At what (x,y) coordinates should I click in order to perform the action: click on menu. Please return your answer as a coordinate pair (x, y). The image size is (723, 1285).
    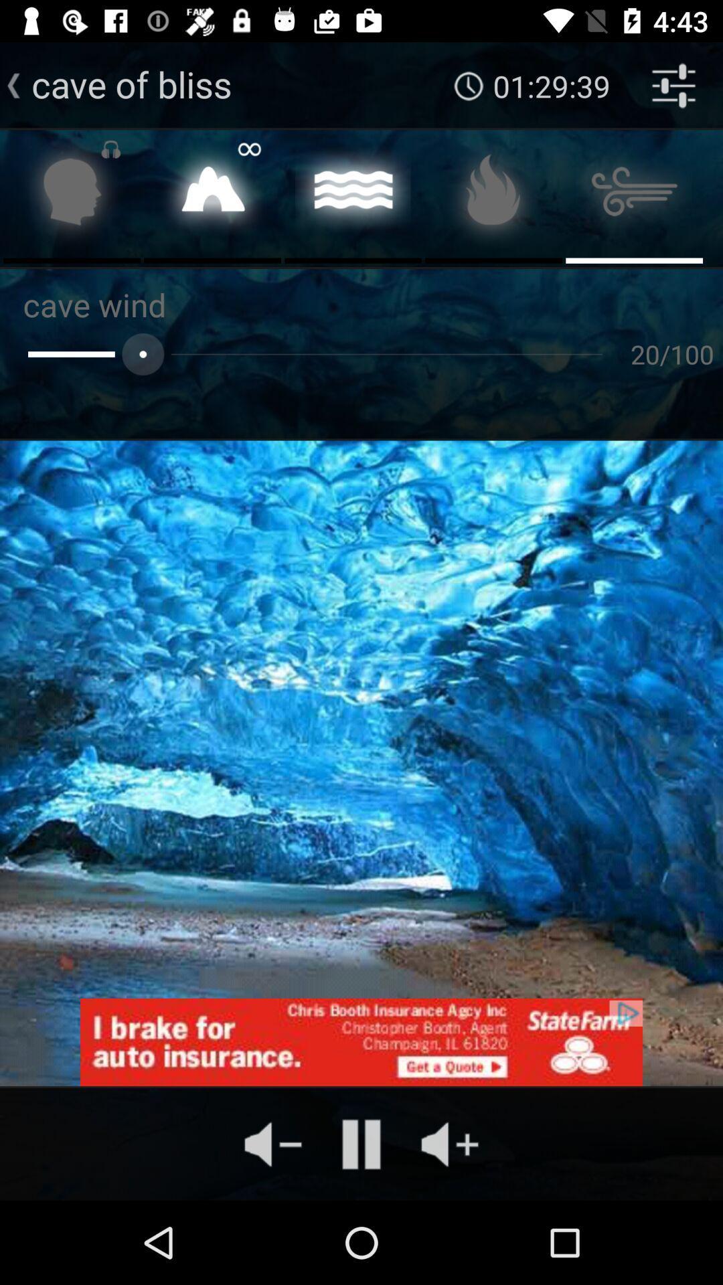
    Looking at the image, I should click on (493, 195).